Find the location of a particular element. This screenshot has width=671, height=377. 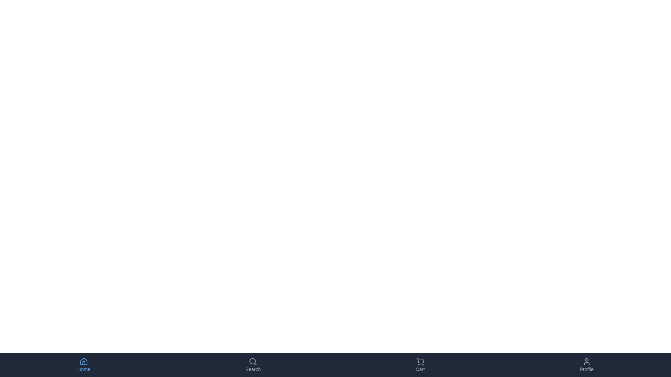

the decorative SVG circle that is part of the search icon in the bottom navigation bar is located at coordinates (252, 361).